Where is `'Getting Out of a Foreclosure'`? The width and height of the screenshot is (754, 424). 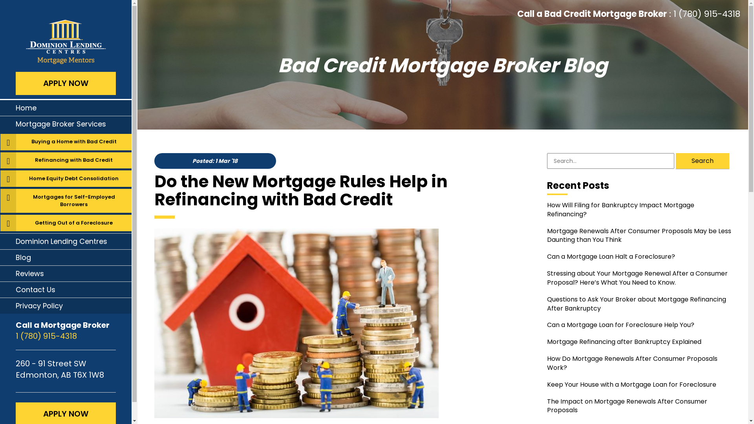 'Getting Out of a Foreclosure' is located at coordinates (73, 223).